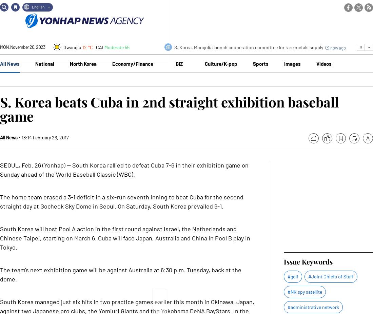 This screenshot has width=373, height=314. I want to click on '(Copyright)', so click(186, 6).